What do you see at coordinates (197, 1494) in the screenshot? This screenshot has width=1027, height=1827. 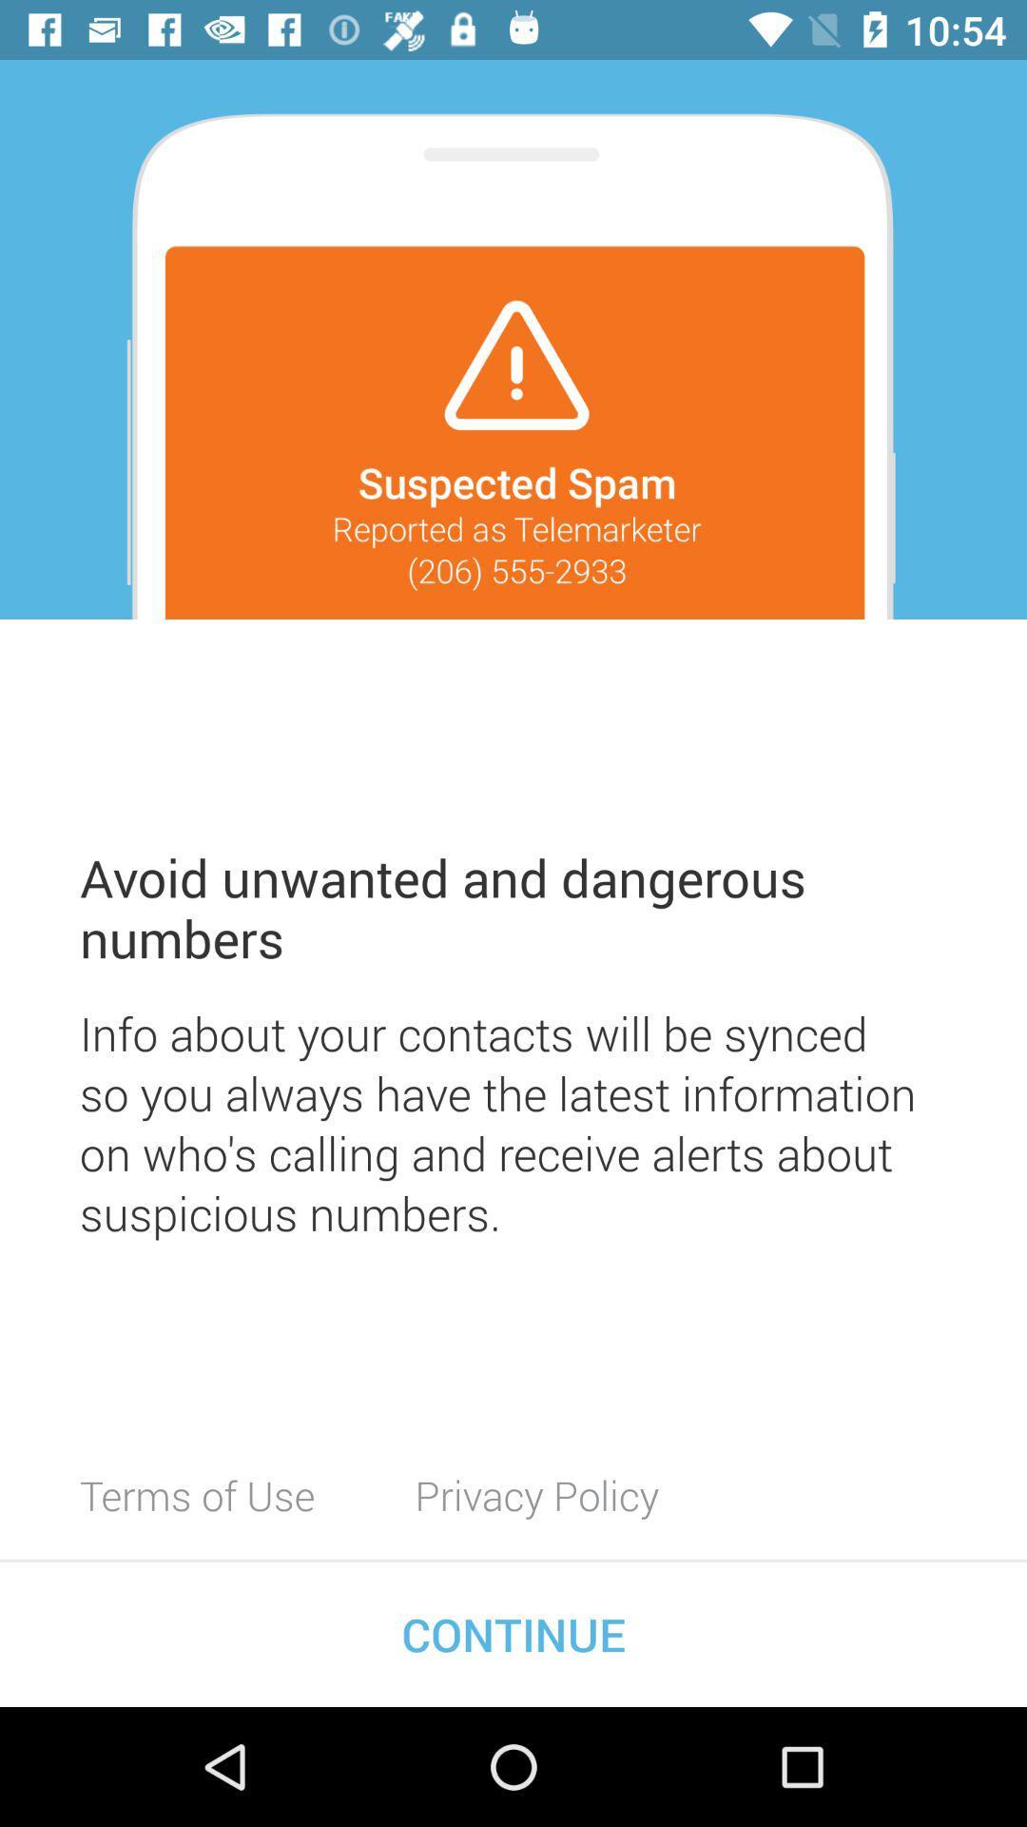 I see `the item to the left of the privacy policy item` at bounding box center [197, 1494].